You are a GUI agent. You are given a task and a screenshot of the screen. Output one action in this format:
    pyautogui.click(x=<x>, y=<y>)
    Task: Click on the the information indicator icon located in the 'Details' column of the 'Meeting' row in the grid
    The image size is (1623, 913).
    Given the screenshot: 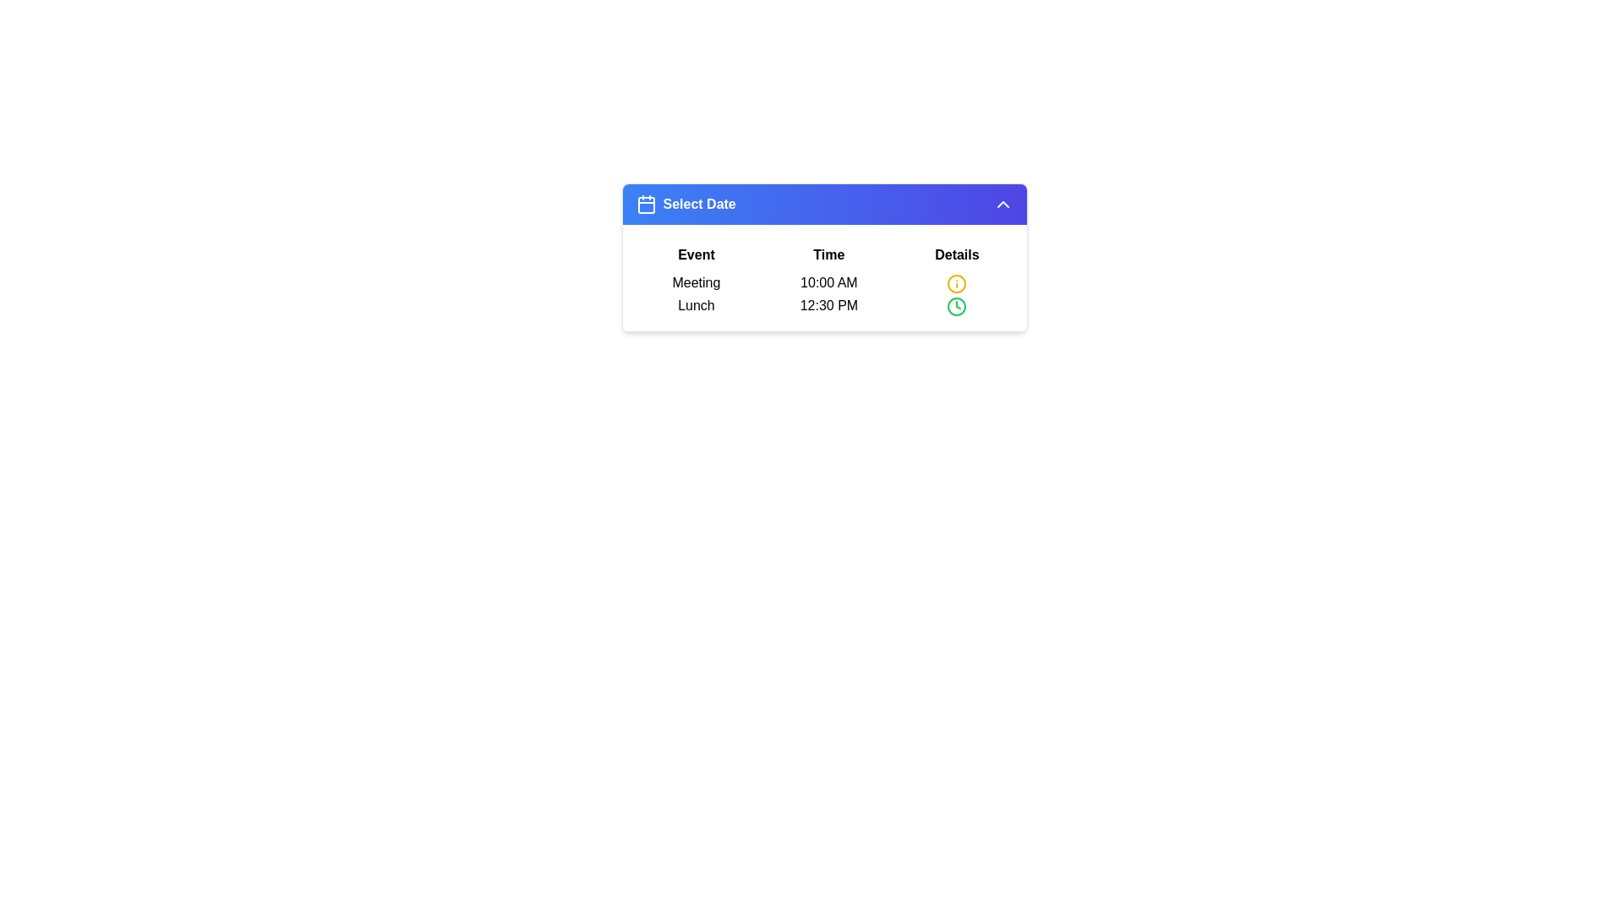 What is the action you would take?
    pyautogui.click(x=957, y=282)
    